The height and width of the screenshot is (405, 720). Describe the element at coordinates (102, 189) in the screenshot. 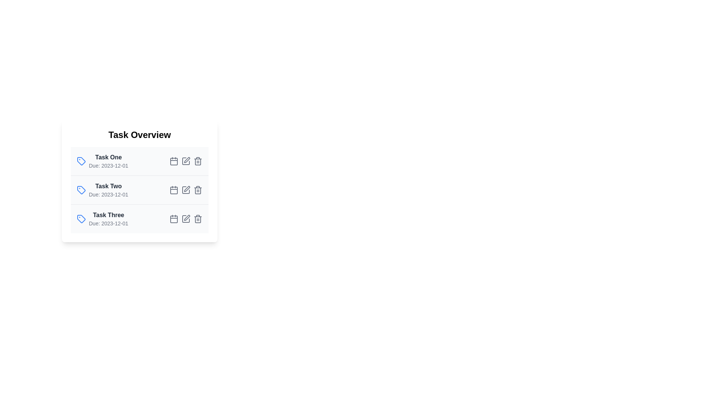

I see `the descriptive text area of the second item in the 'Task Overview' list, which features a blue label icon and the text 'Task Two' in bold dark gray` at that location.